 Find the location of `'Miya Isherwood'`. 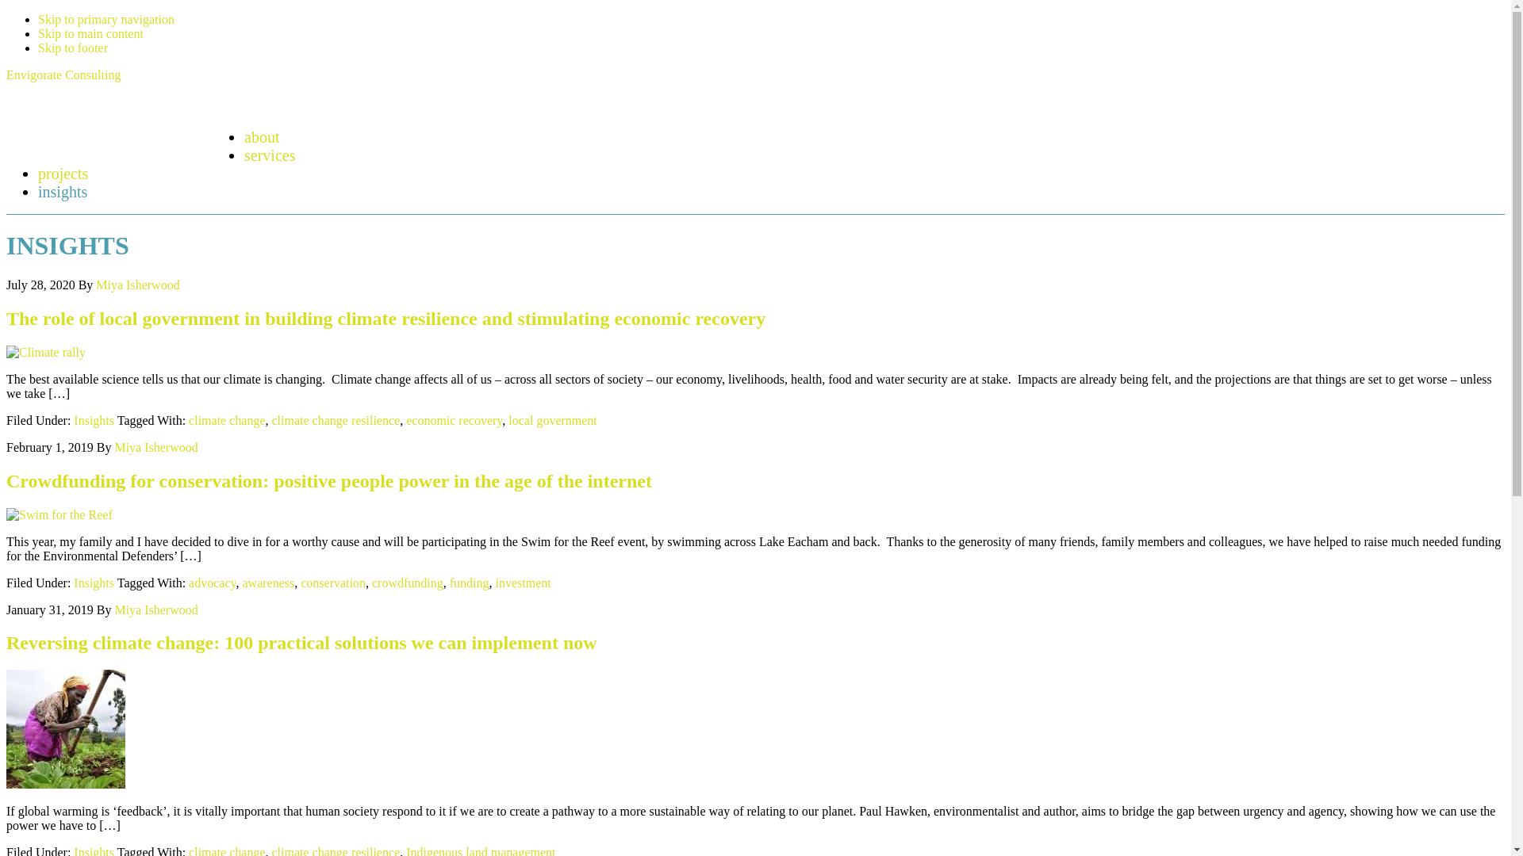

'Miya Isherwood' is located at coordinates (137, 284).